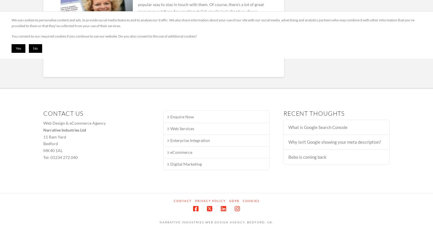  I want to click on 'MailChimp', so click(168, 18).